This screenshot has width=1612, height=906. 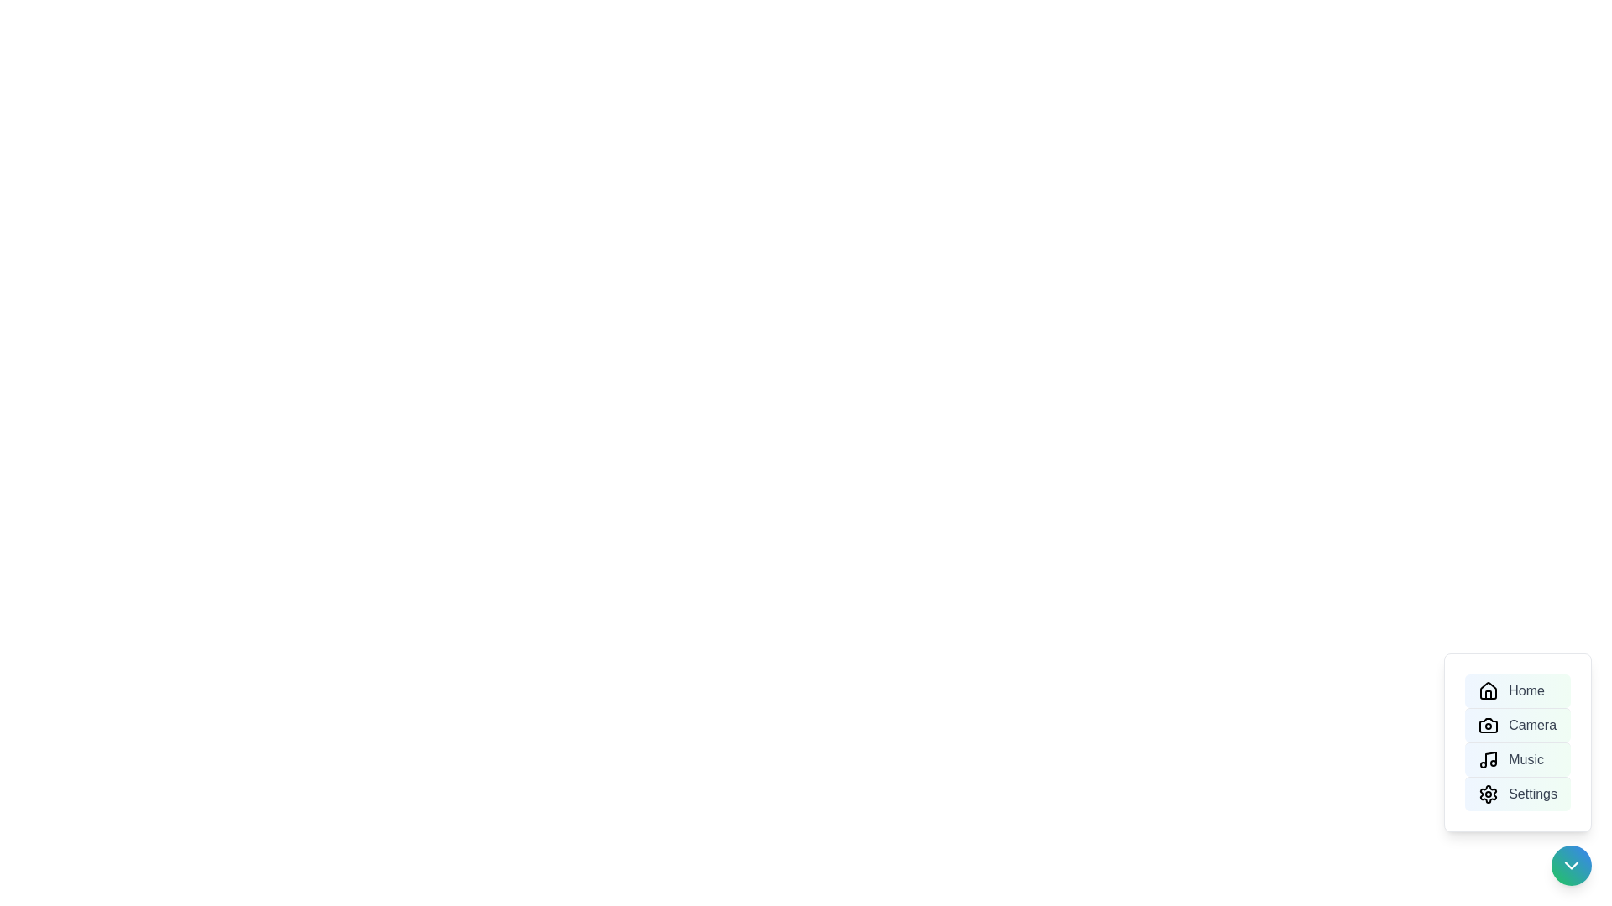 What do you see at coordinates (1518, 724) in the screenshot?
I see `the menu option labeled Camera to trigger its action` at bounding box center [1518, 724].